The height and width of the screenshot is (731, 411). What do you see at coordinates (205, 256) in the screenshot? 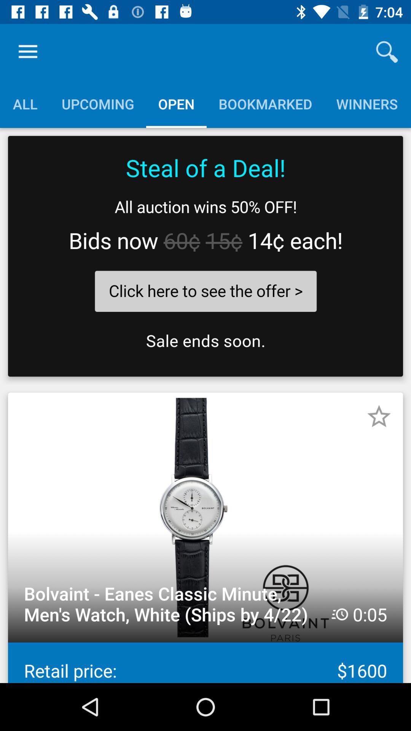
I see `the complete text which is in the black box` at bounding box center [205, 256].